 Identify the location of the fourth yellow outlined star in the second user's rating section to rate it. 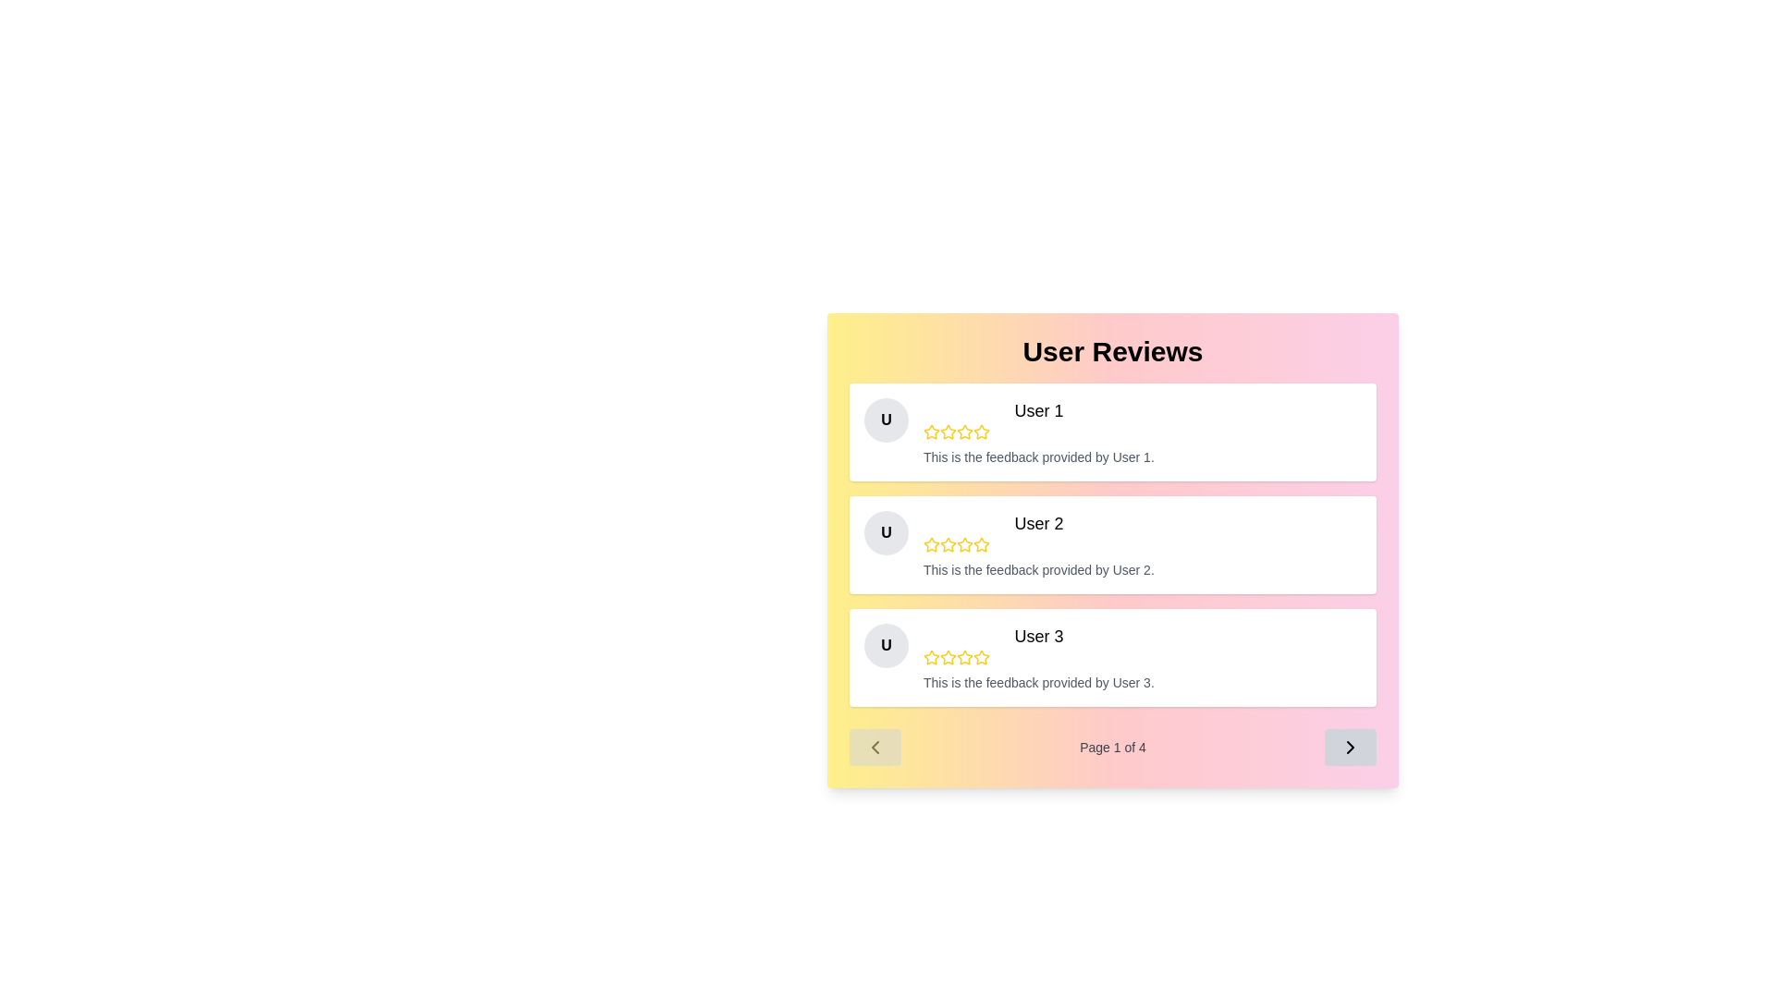
(963, 543).